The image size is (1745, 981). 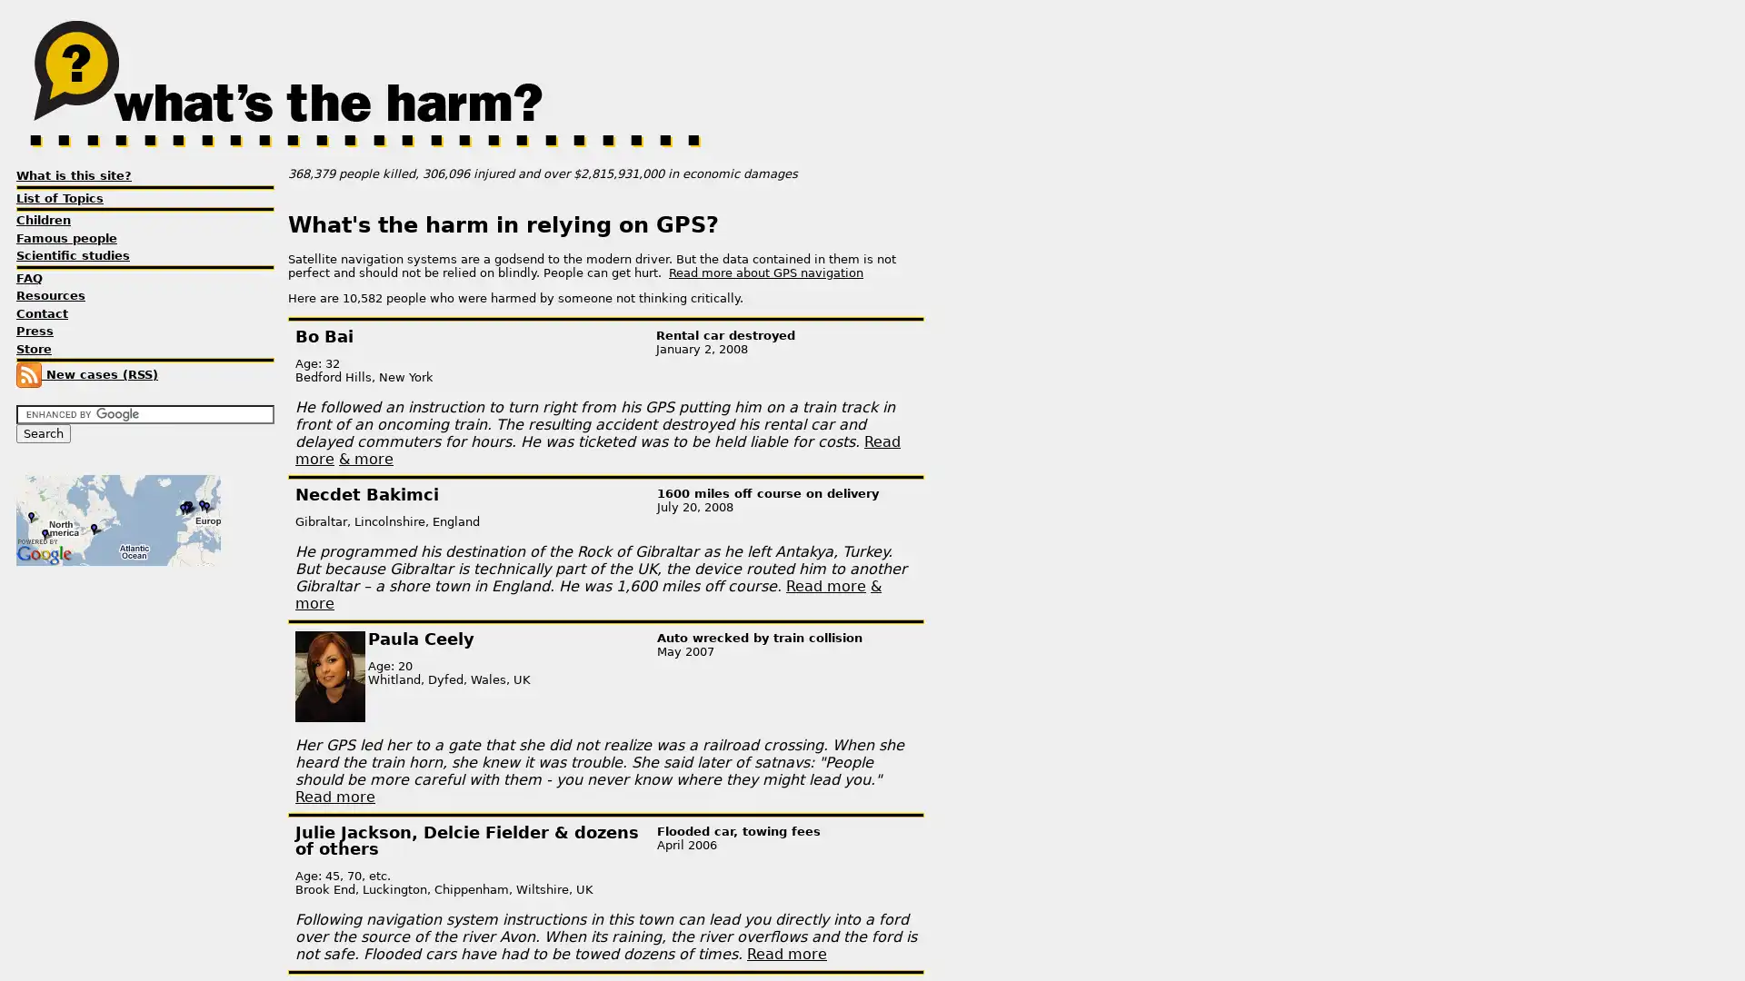 What do you see at coordinates (44, 433) in the screenshot?
I see `Search` at bounding box center [44, 433].